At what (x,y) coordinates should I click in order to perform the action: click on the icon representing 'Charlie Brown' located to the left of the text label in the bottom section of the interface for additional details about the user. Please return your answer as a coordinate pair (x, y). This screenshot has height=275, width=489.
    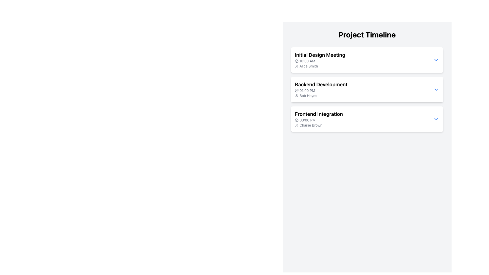
    Looking at the image, I should click on (297, 125).